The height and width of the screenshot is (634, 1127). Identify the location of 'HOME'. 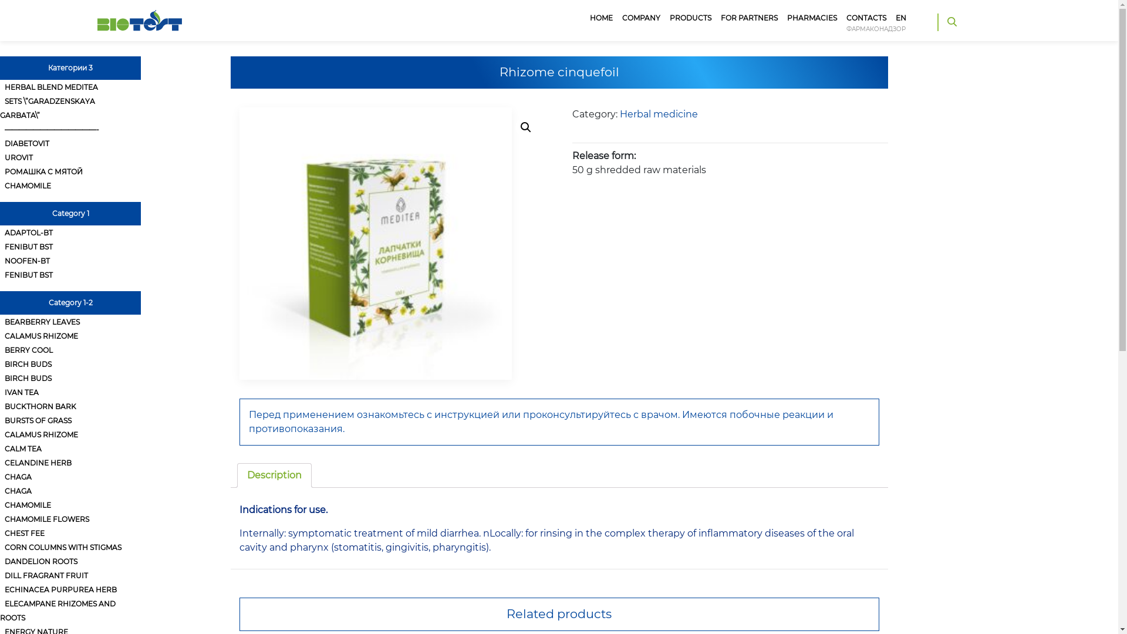
(601, 18).